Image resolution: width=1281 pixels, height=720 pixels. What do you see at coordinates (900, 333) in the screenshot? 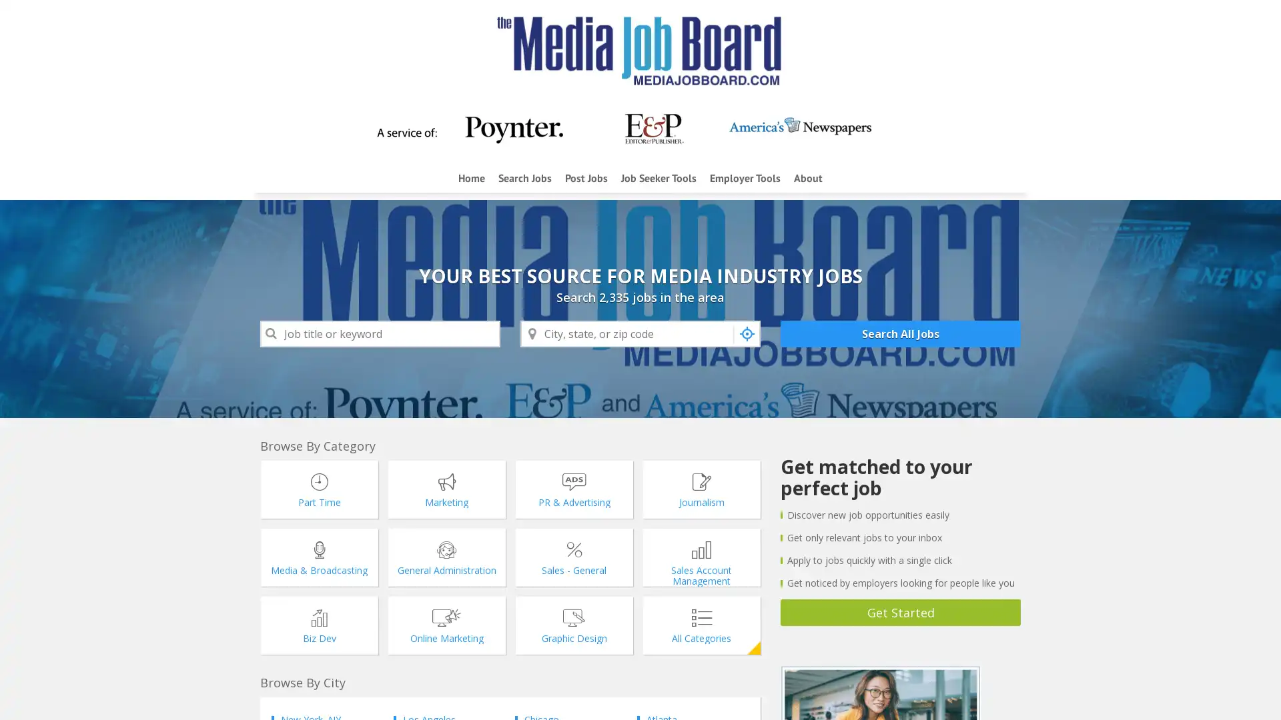
I see `Search All Jobs` at bounding box center [900, 333].